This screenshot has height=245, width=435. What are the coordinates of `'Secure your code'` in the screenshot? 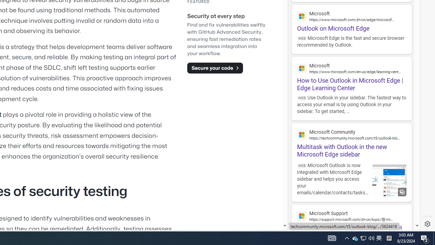 It's located at (214, 68).